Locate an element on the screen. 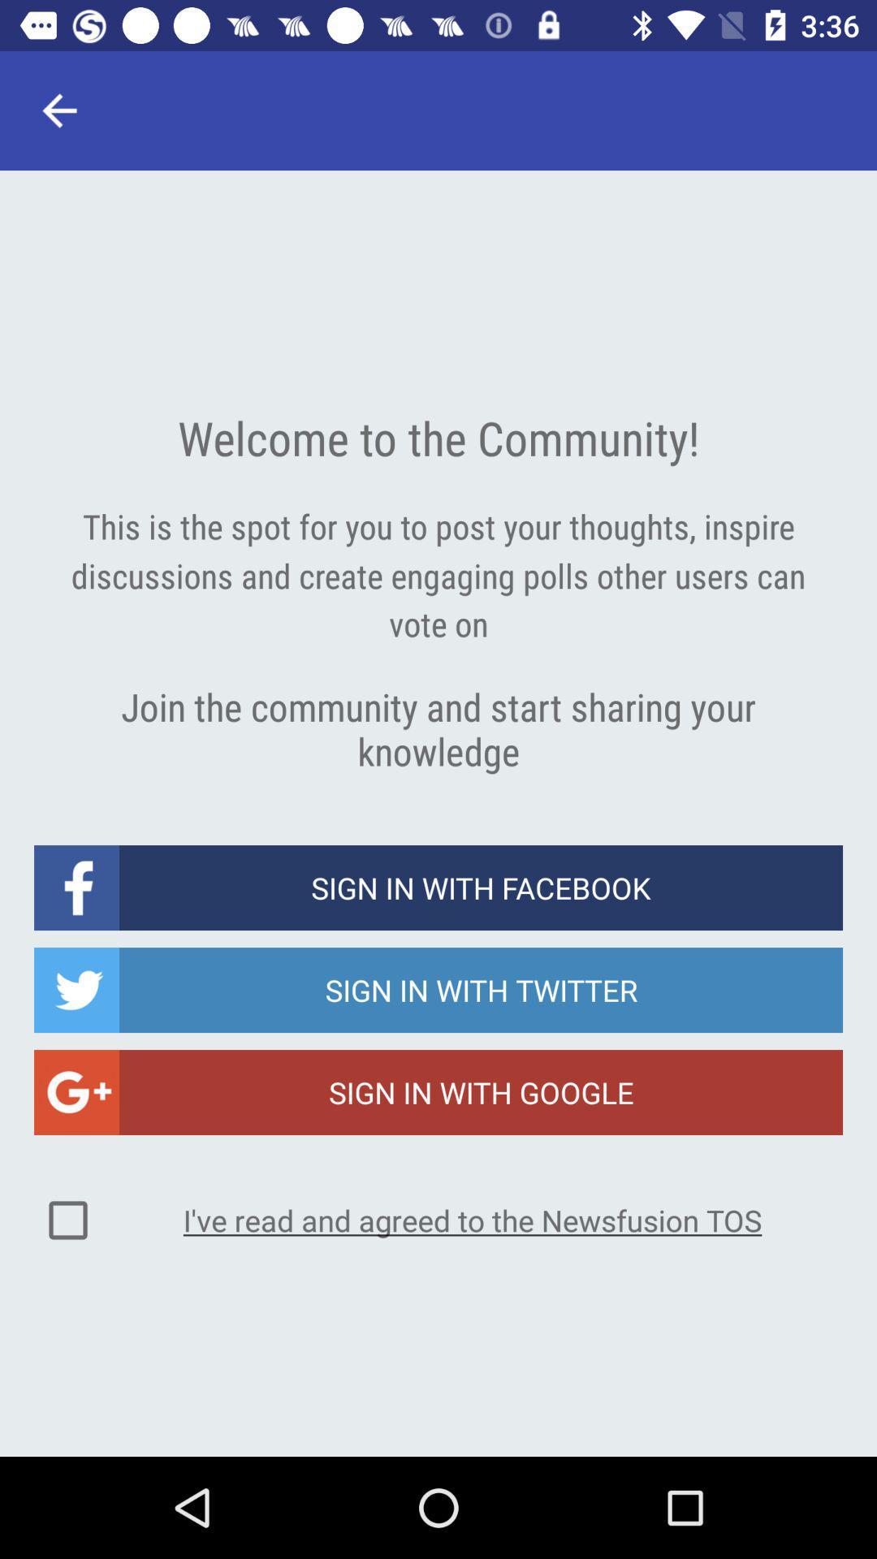 The width and height of the screenshot is (877, 1559). the item at the top left corner is located at coordinates (58, 110).